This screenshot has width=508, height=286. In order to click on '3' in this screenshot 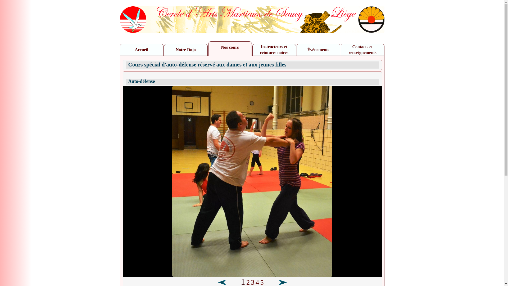, I will do `click(252, 283)`.